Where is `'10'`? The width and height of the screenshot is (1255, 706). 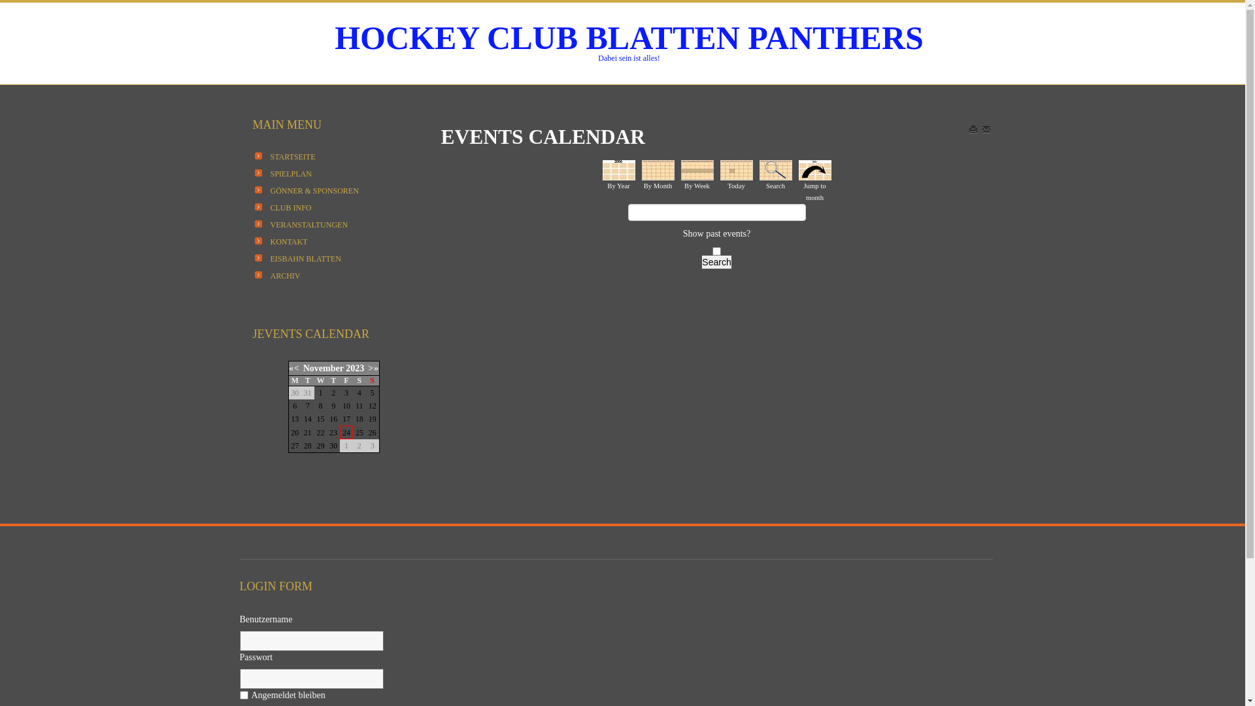 '10' is located at coordinates (346, 405).